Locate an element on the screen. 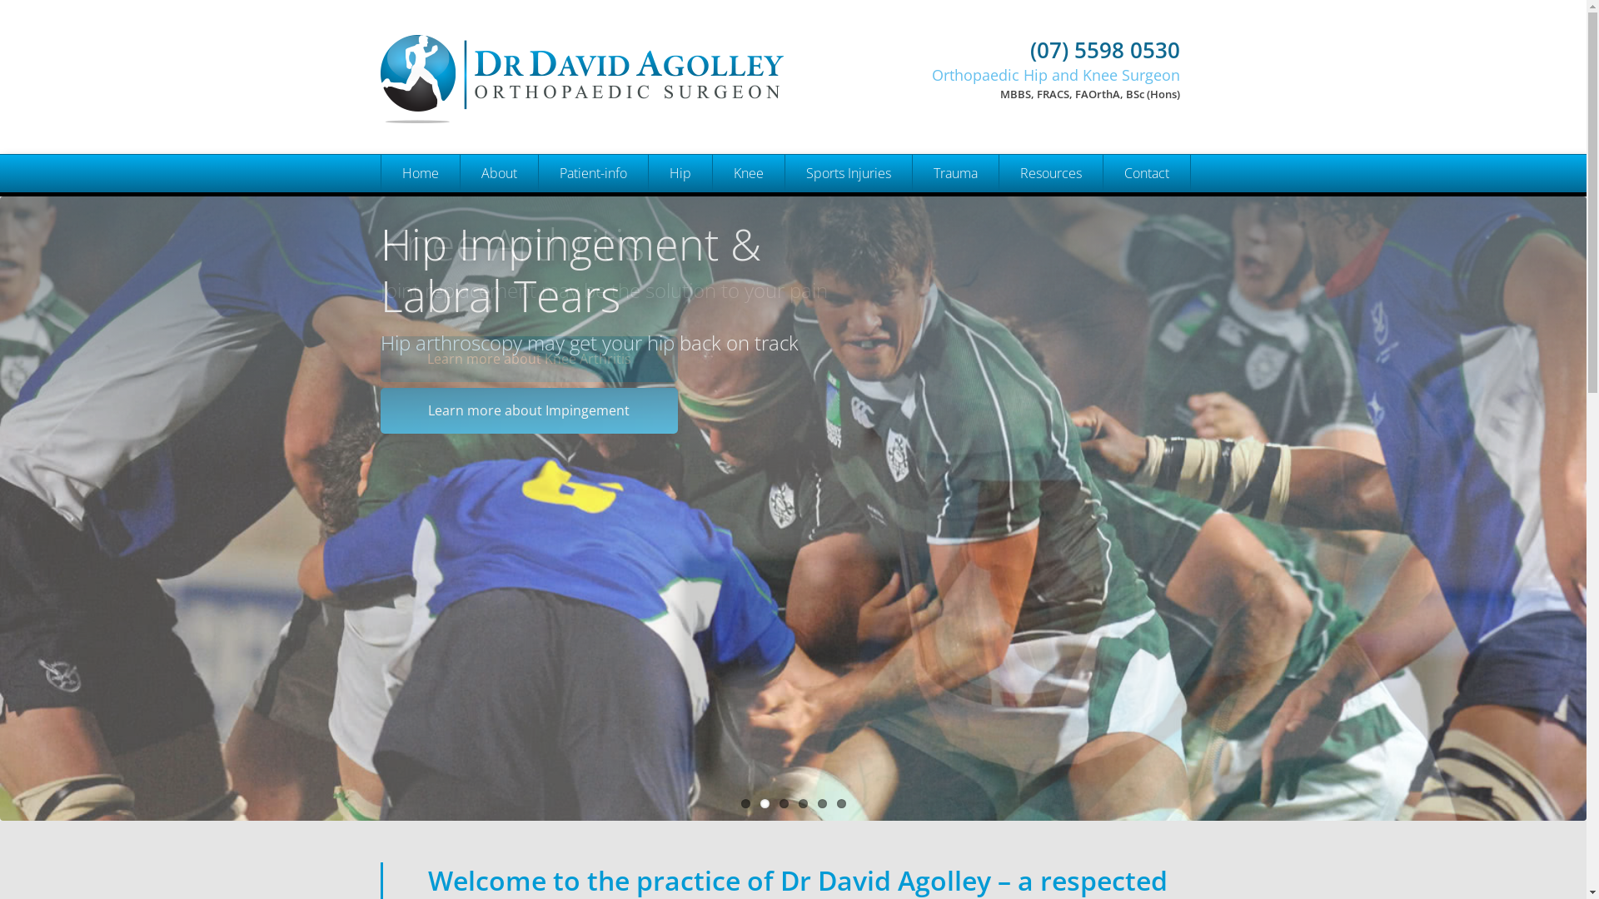 The height and width of the screenshot is (899, 1599). 'Presentations' is located at coordinates (1049, 248).